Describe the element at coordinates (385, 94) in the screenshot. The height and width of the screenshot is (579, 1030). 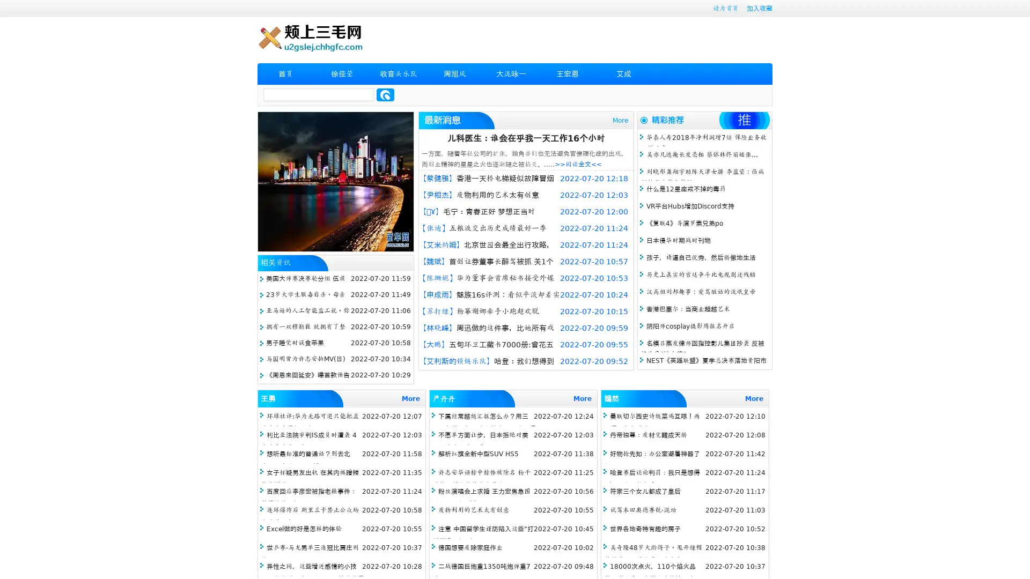
I see `Search` at that location.